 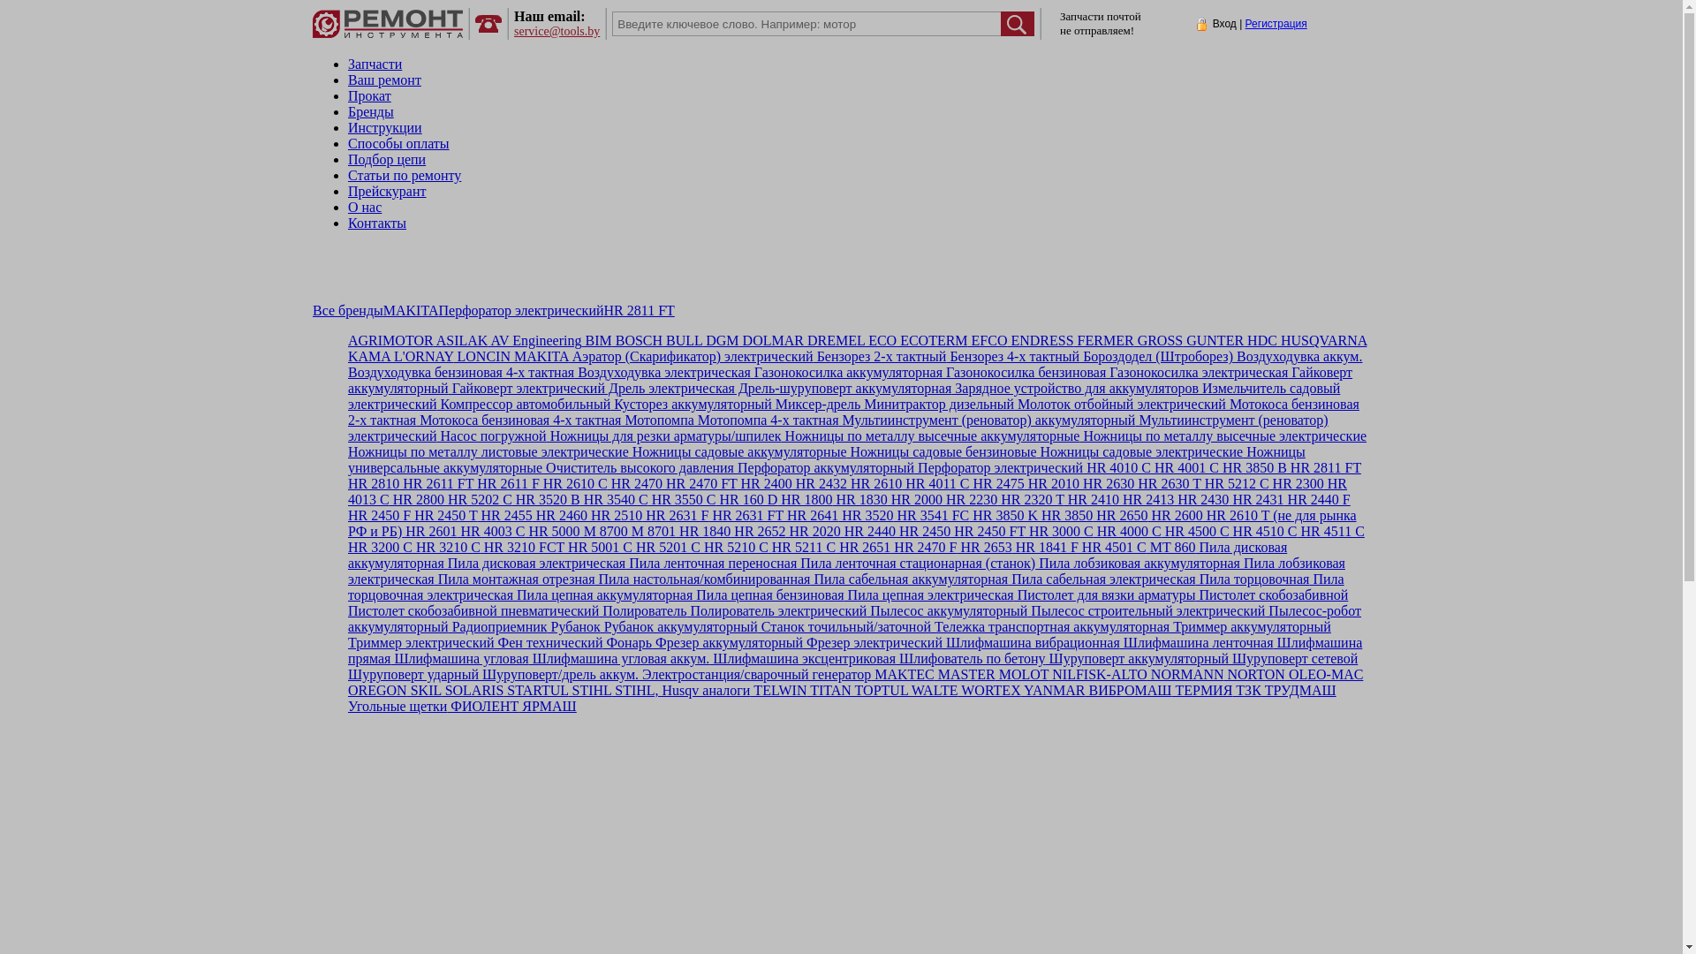 What do you see at coordinates (982, 546) in the screenshot?
I see `'HR 2653'` at bounding box center [982, 546].